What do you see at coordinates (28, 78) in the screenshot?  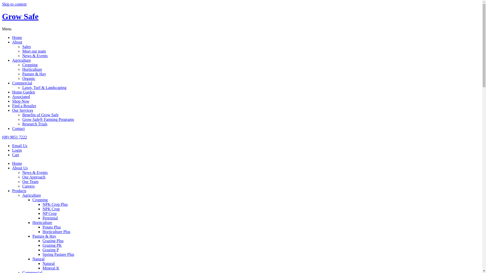 I see `'Organic'` at bounding box center [28, 78].